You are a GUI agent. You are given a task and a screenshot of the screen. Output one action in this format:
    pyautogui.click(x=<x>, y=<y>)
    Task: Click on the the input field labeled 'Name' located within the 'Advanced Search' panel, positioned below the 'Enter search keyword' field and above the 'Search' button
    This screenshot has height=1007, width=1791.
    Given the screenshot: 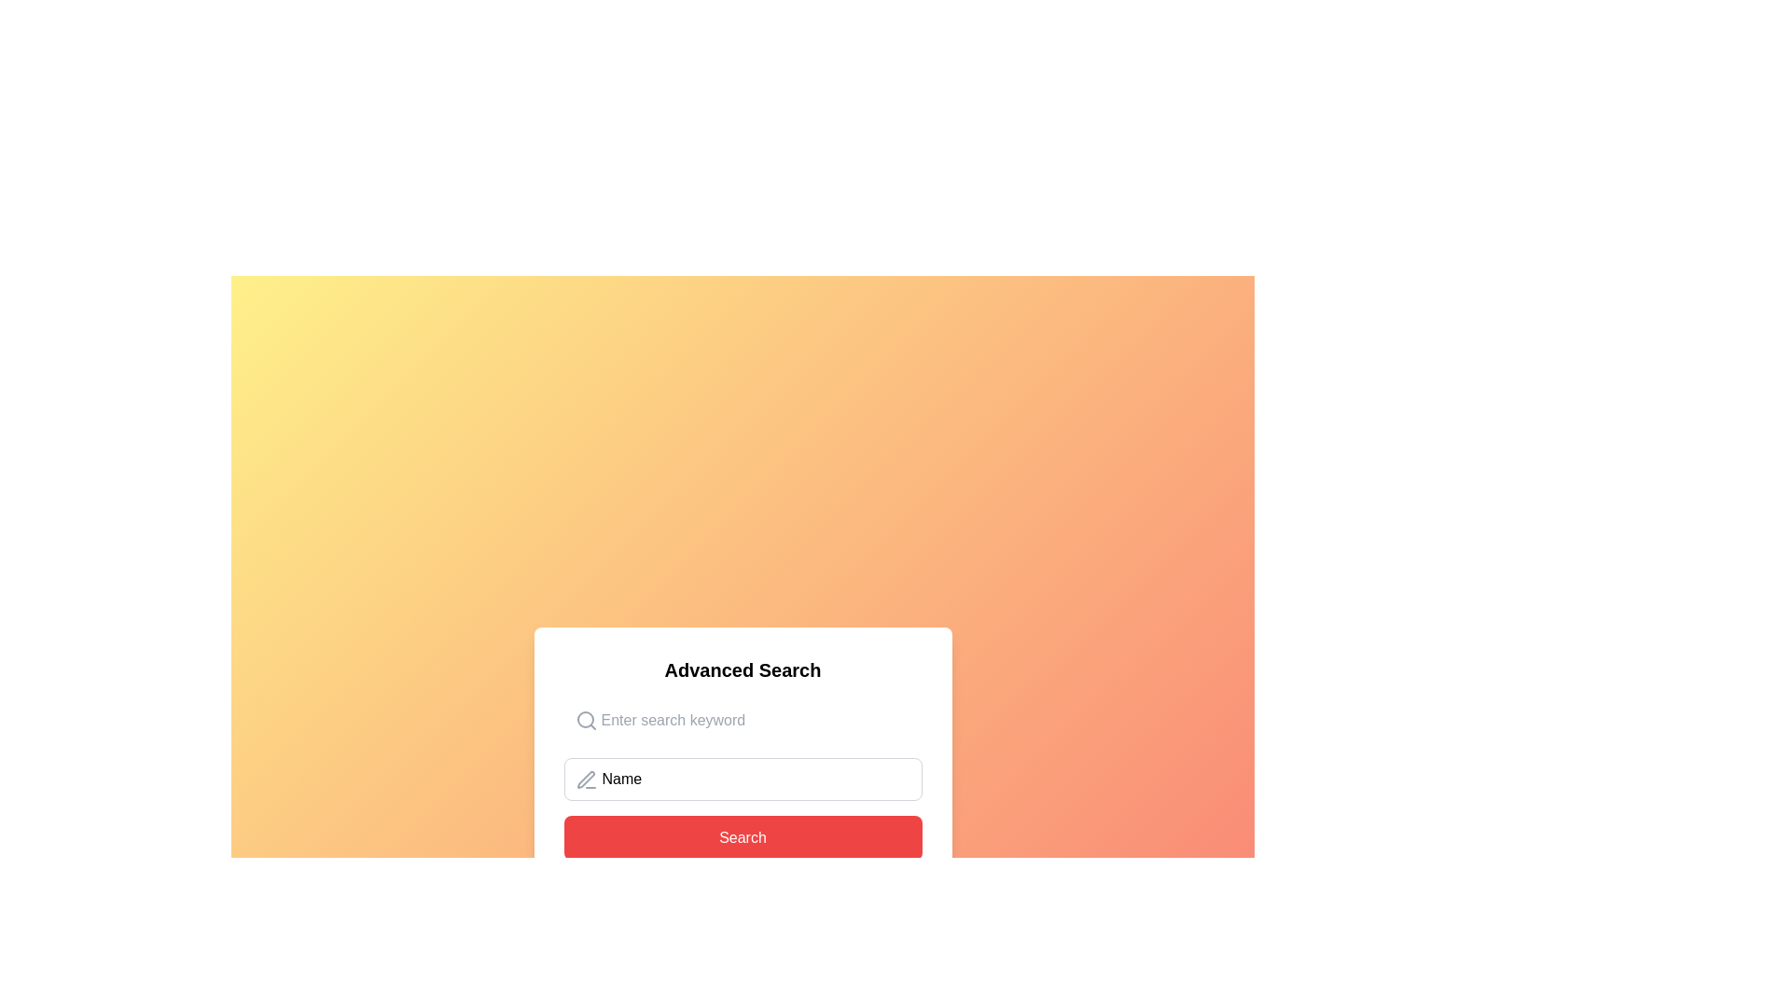 What is the action you would take?
    pyautogui.click(x=742, y=779)
    